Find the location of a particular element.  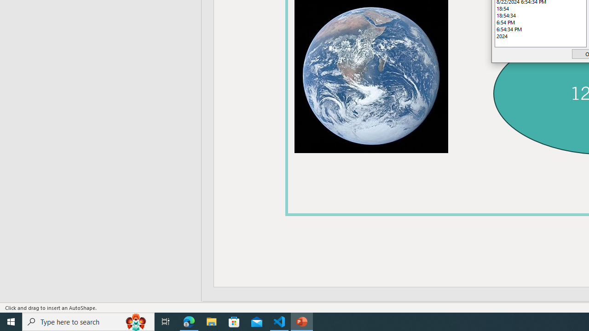

'Task View' is located at coordinates (165, 321).